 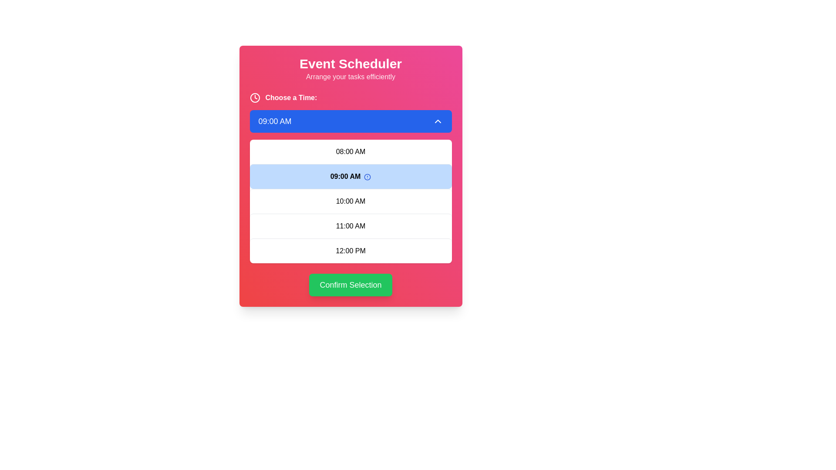 I want to click on the fourth item in the selectable list that displays the time '11:00 AM', so click(x=351, y=225).